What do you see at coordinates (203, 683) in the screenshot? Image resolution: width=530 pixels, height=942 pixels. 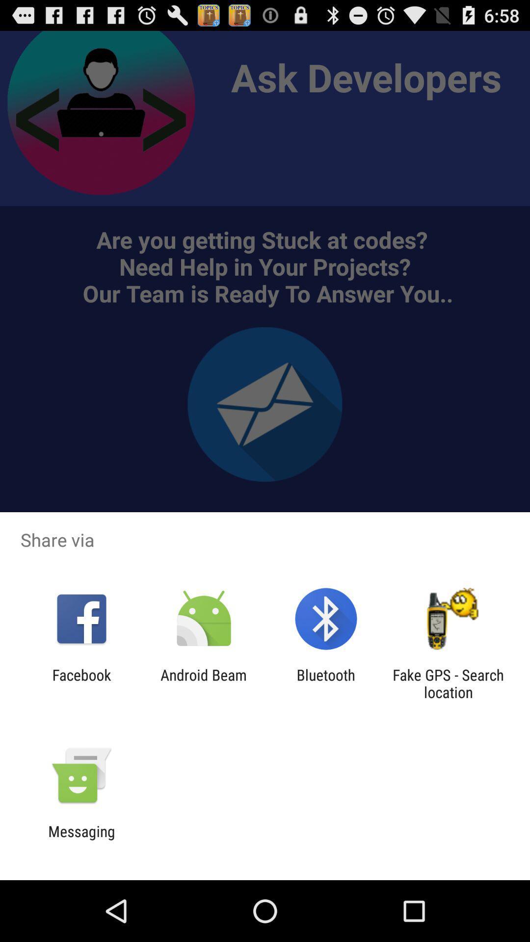 I see `icon next to bluetooth icon` at bounding box center [203, 683].